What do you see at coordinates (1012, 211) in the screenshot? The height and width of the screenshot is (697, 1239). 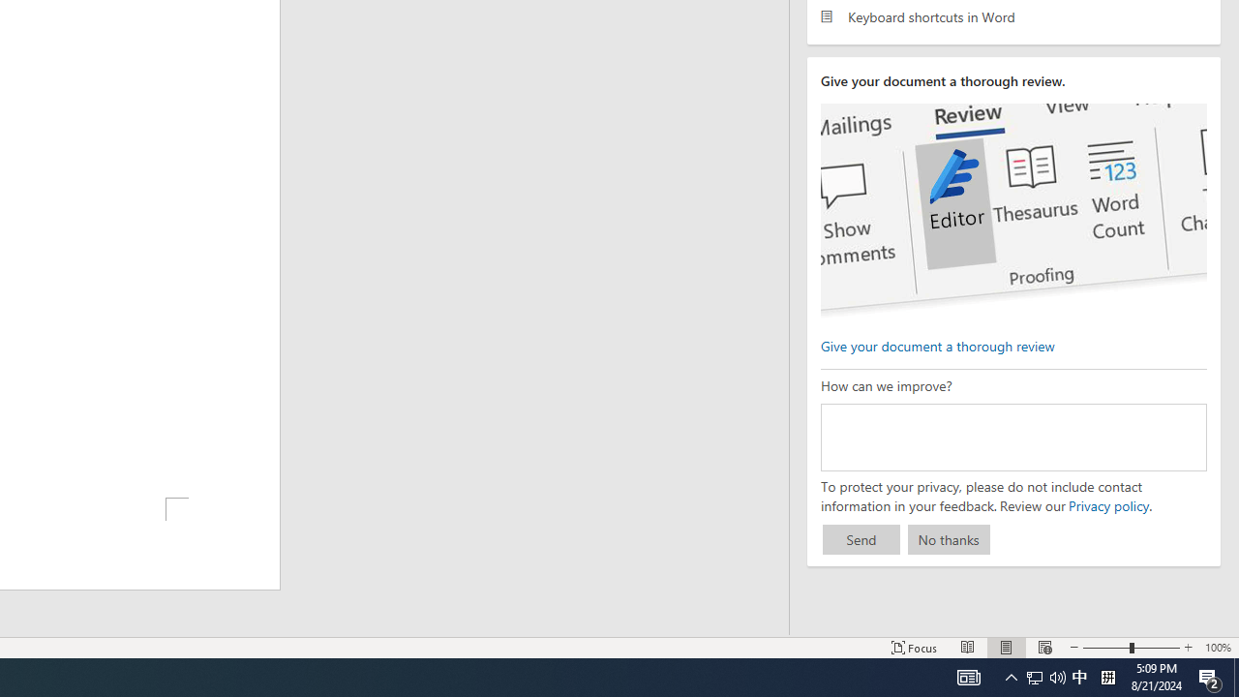 I see `'editor ui screenshot'` at bounding box center [1012, 211].